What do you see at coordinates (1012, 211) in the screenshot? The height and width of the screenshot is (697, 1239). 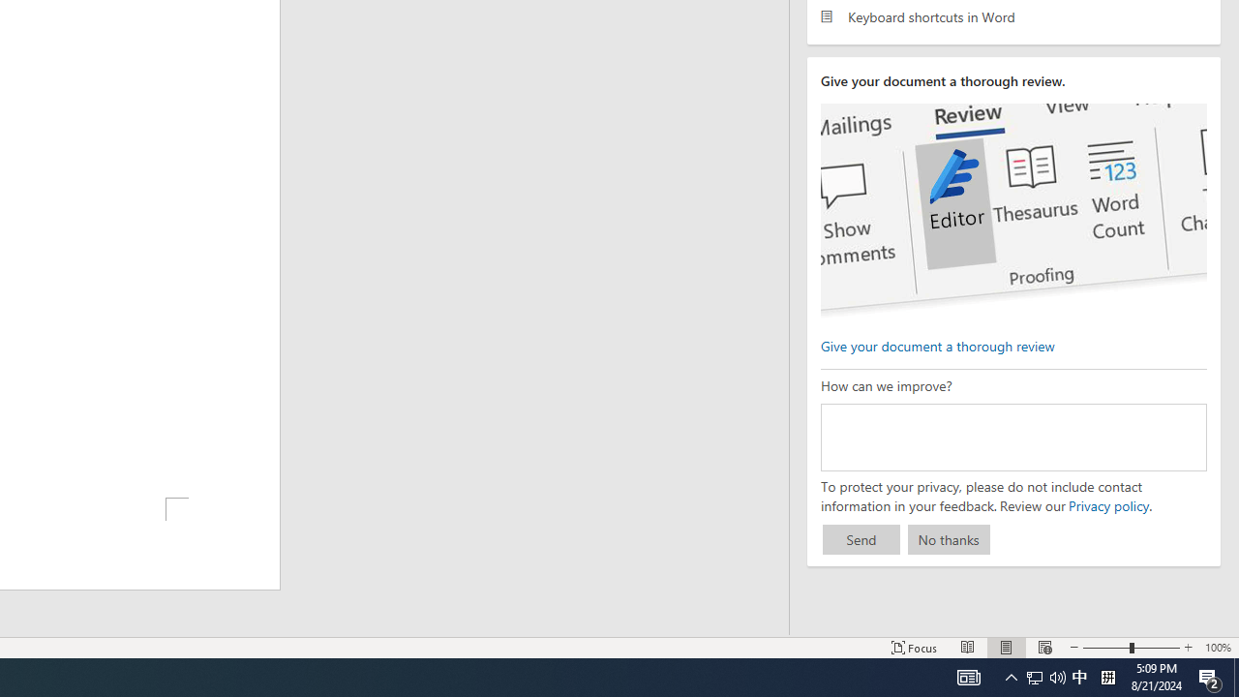 I see `'editor ui screenshot'` at bounding box center [1012, 211].